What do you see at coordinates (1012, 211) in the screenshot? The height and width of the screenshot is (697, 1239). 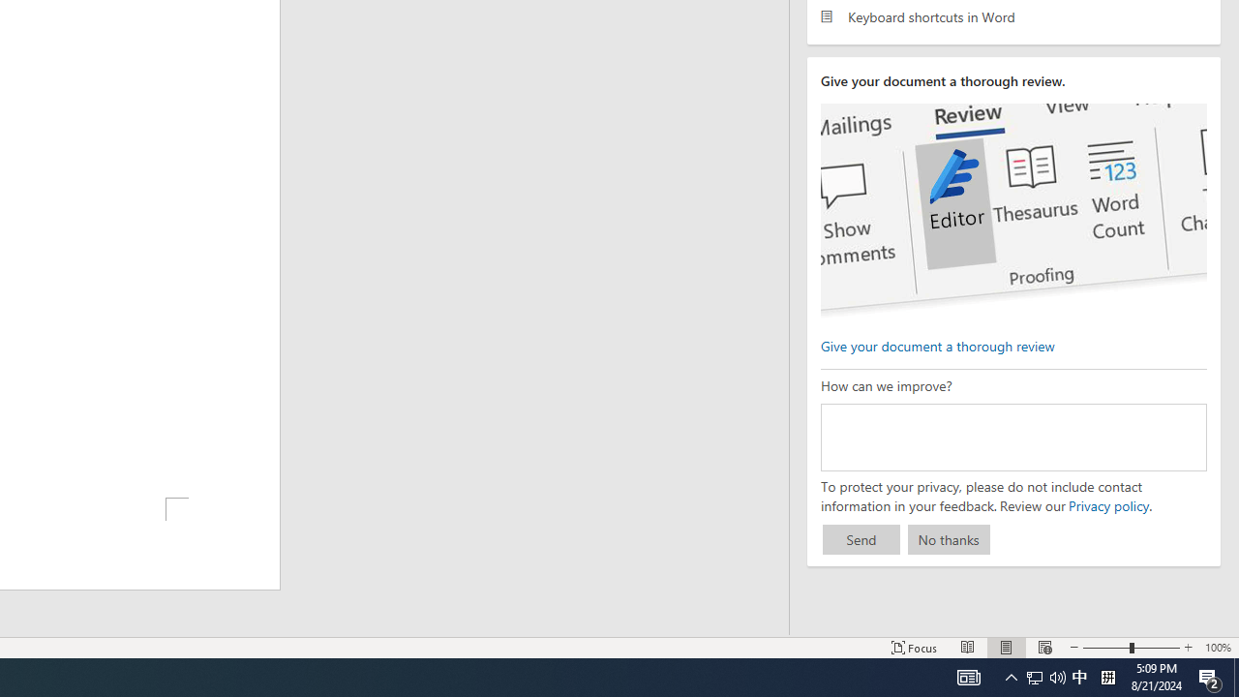 I see `'editor ui screenshot'` at bounding box center [1012, 211].